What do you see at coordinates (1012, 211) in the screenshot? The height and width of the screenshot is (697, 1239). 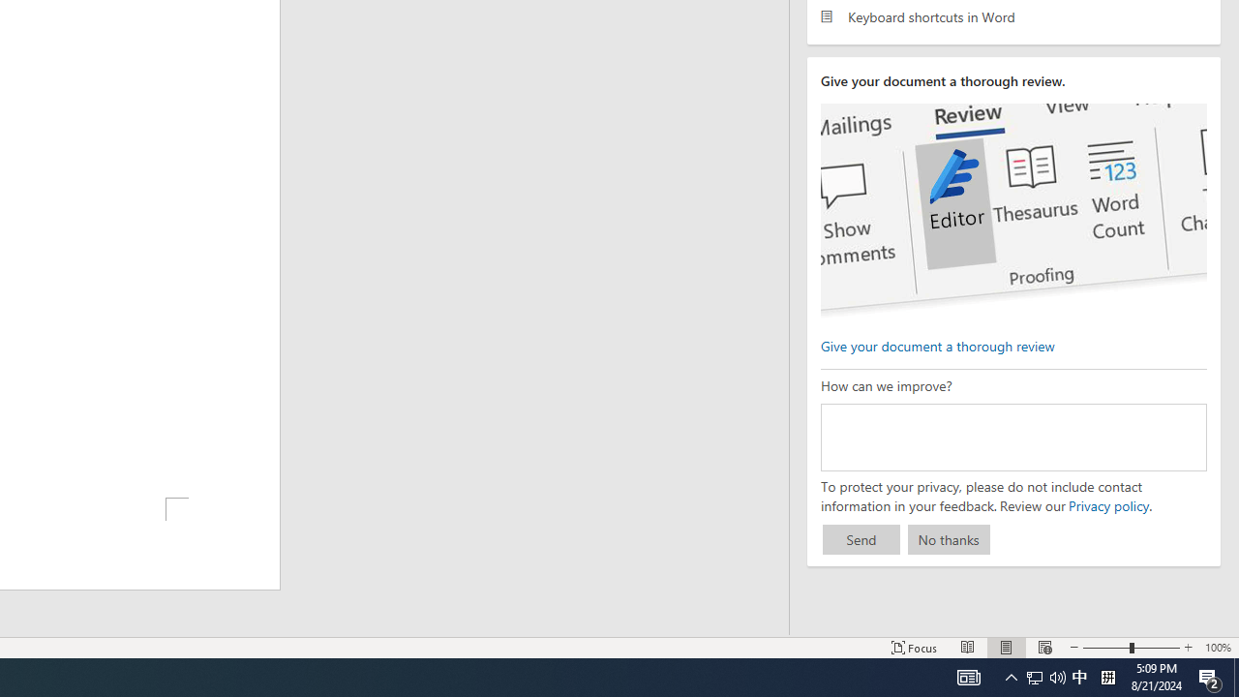 I see `'editor ui screenshot'` at bounding box center [1012, 211].